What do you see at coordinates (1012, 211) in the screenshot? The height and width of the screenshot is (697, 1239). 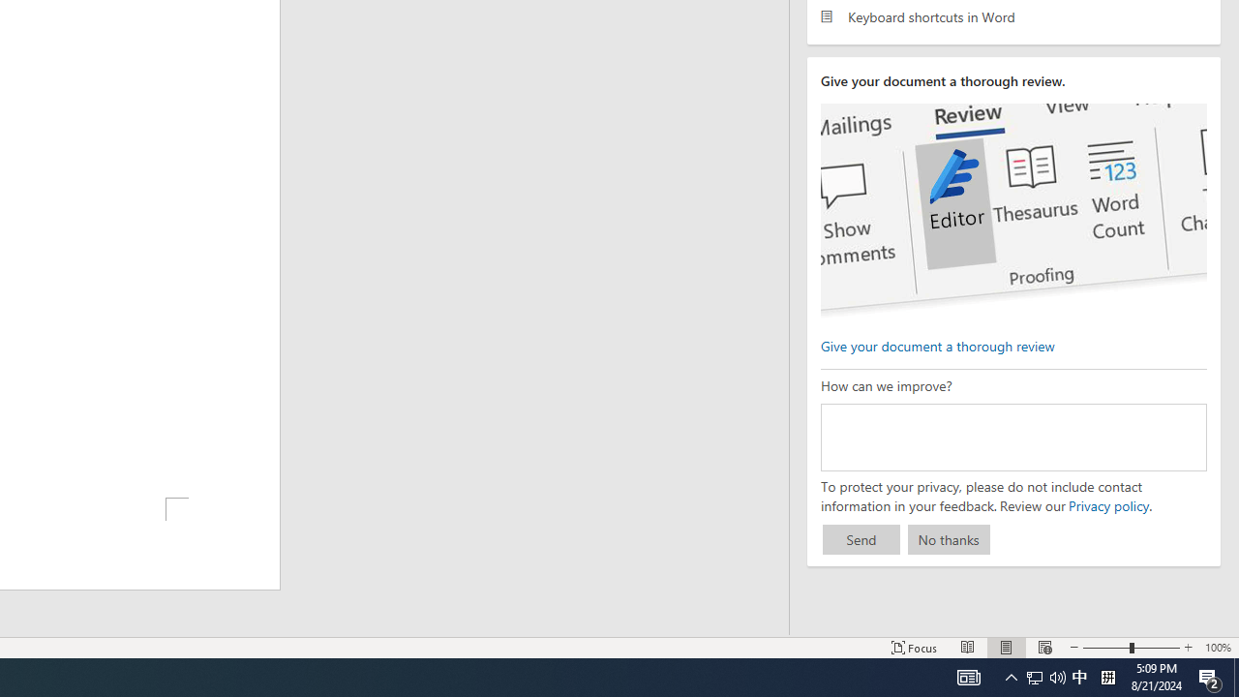 I see `'editor ui screenshot'` at bounding box center [1012, 211].